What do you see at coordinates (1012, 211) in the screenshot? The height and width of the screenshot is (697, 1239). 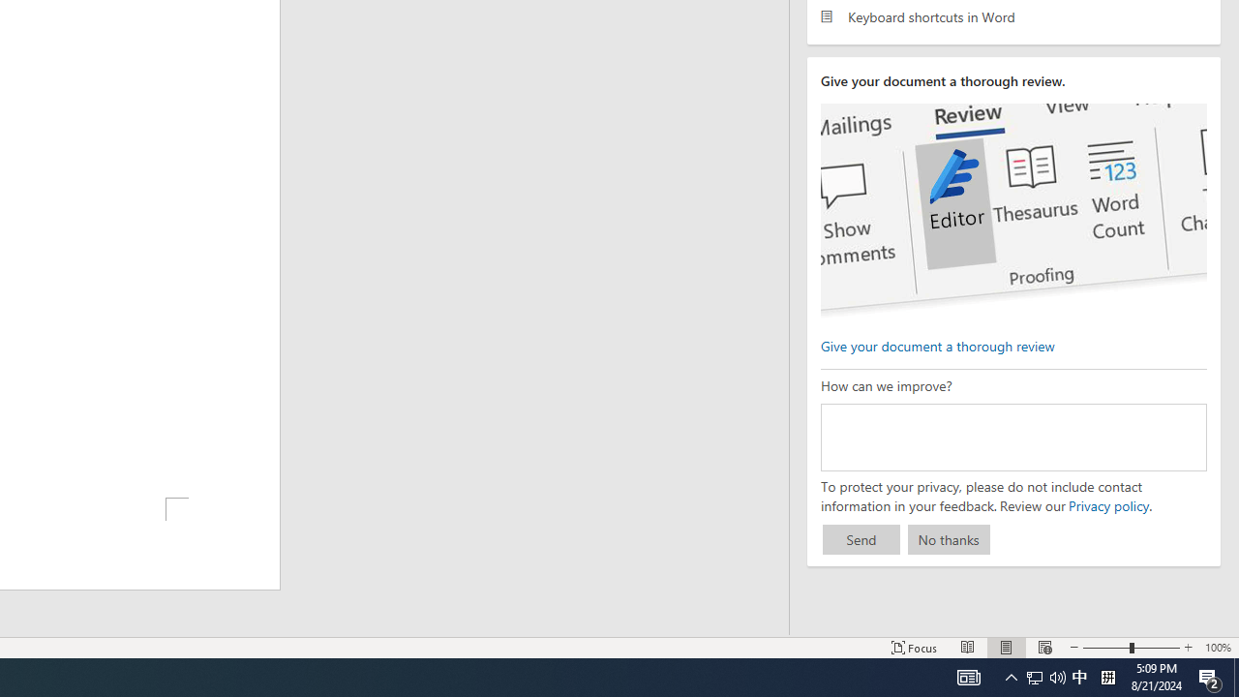 I see `'editor ui screenshot'` at bounding box center [1012, 211].